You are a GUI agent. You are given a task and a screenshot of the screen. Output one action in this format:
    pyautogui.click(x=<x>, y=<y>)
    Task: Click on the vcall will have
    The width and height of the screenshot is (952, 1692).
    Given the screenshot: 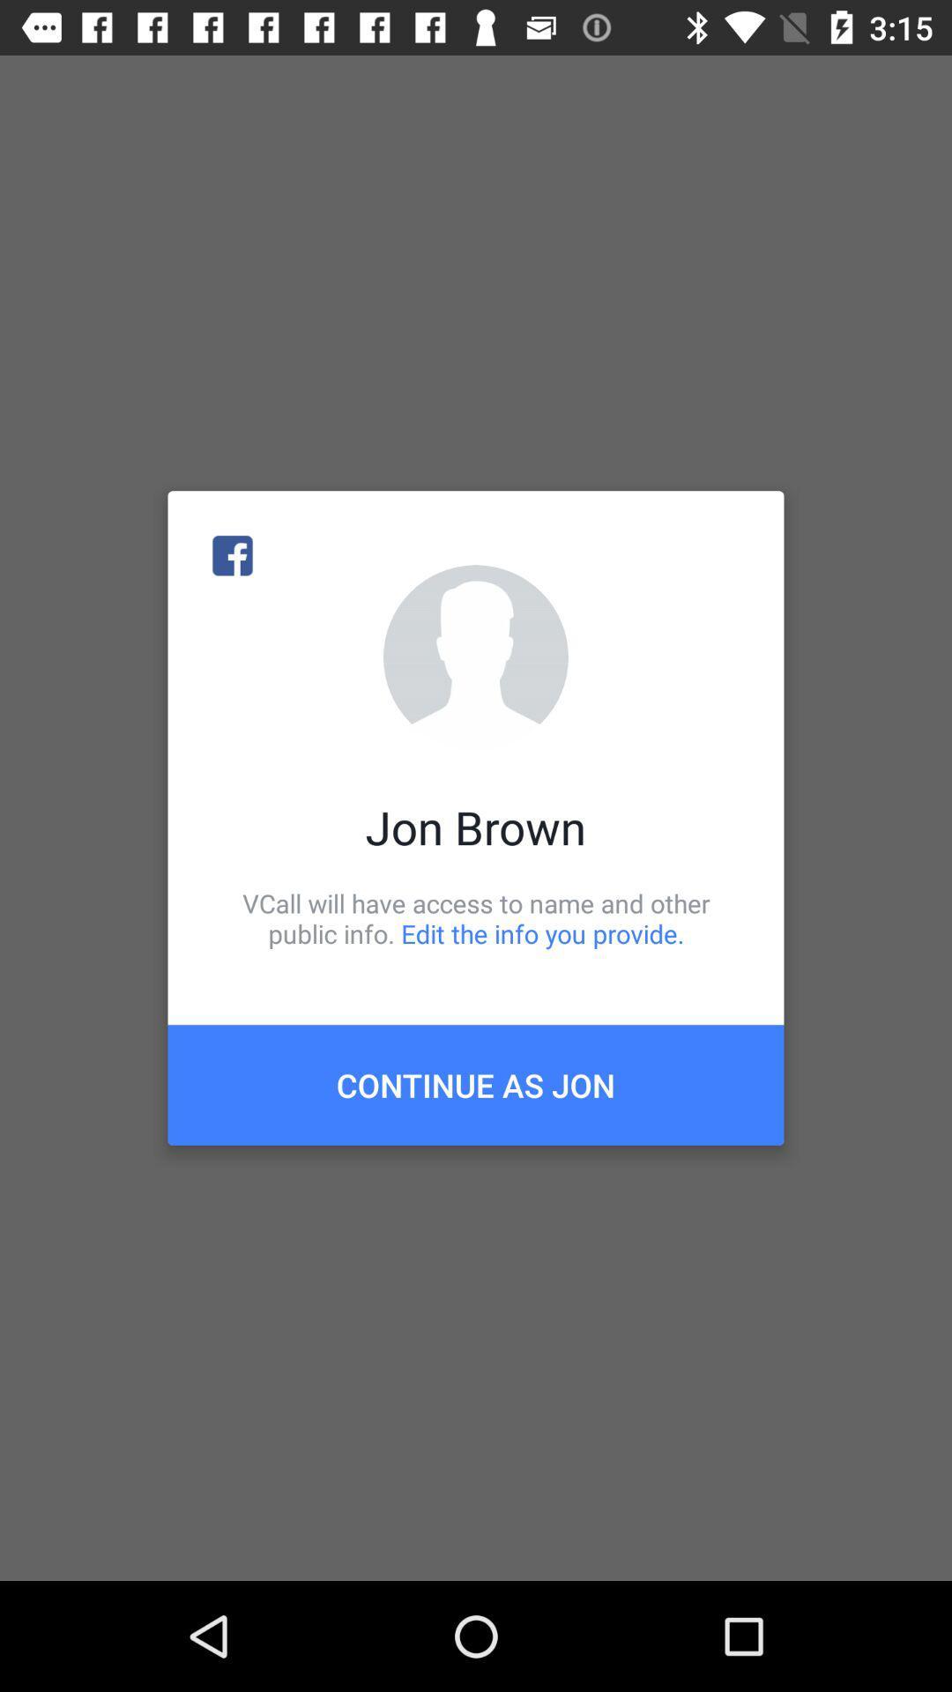 What is the action you would take?
    pyautogui.click(x=476, y=917)
    